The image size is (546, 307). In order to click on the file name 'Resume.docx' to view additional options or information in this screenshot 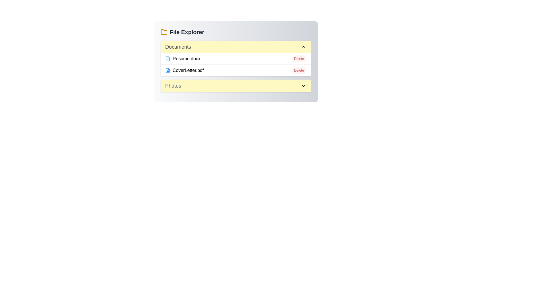, I will do `click(183, 59)`.